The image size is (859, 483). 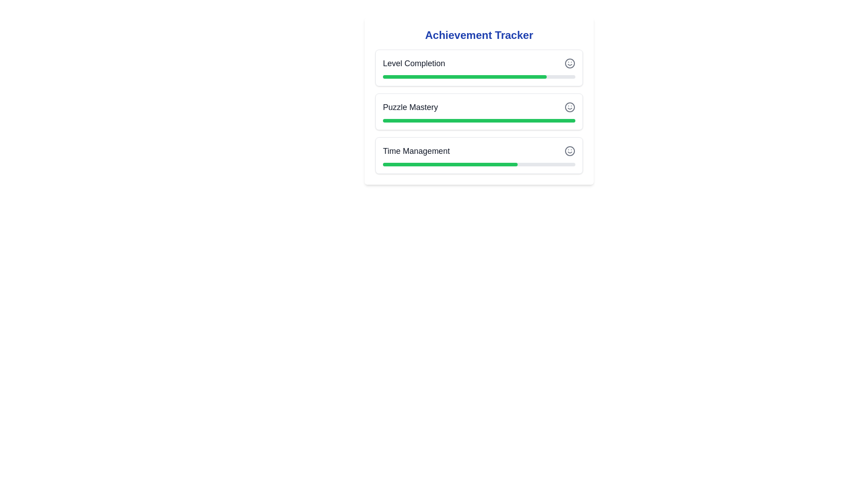 What do you see at coordinates (478, 76) in the screenshot?
I see `the first progress bar under the header 'Level Completion', which visually represents the progress of the task` at bounding box center [478, 76].